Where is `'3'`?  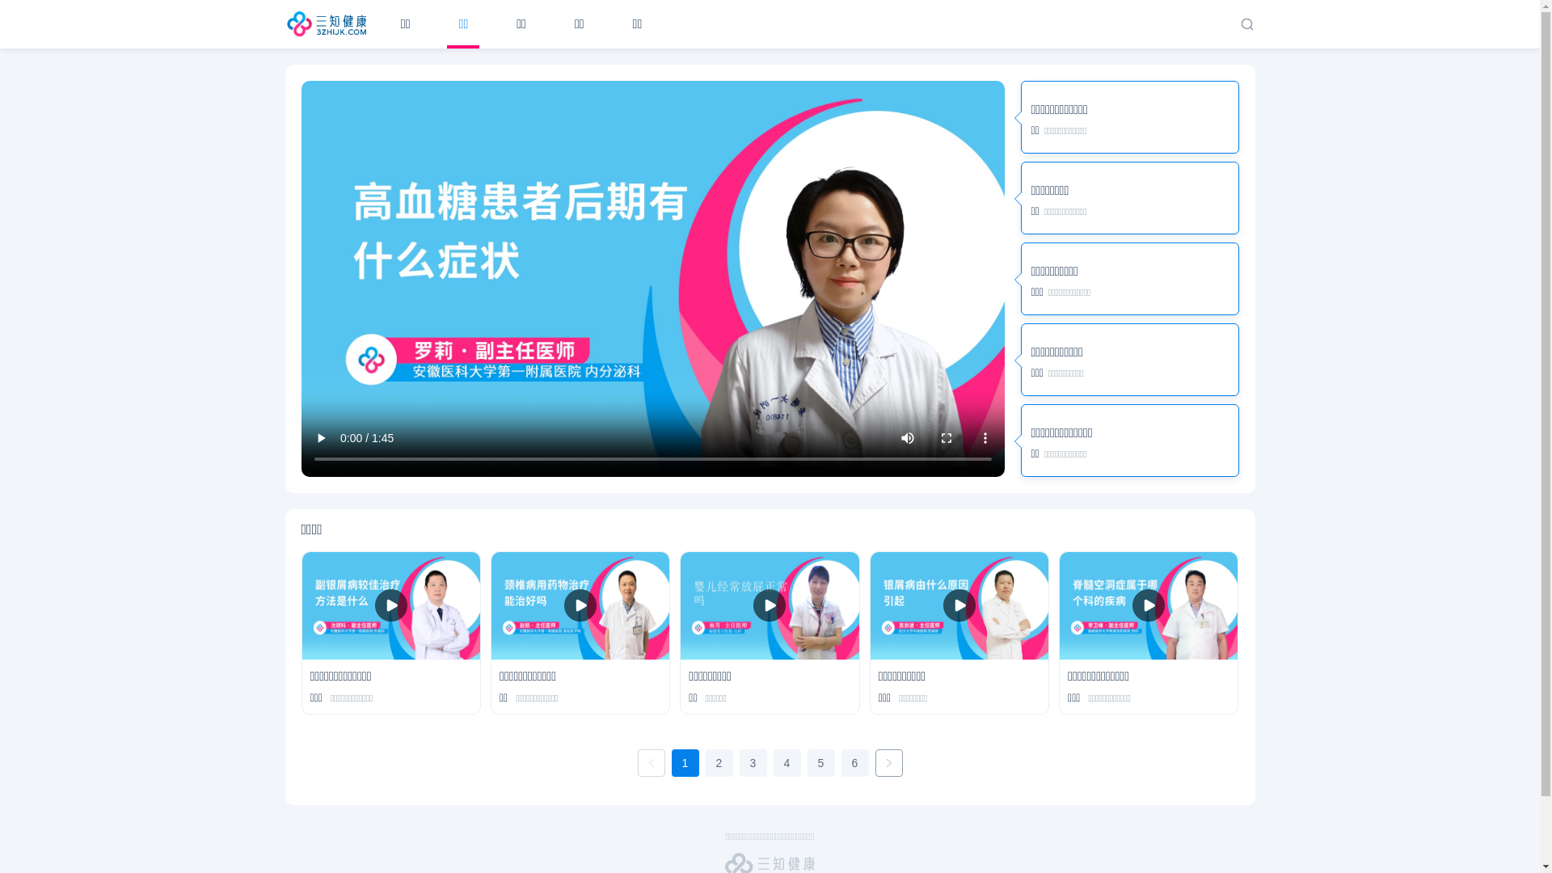 '3' is located at coordinates (752, 763).